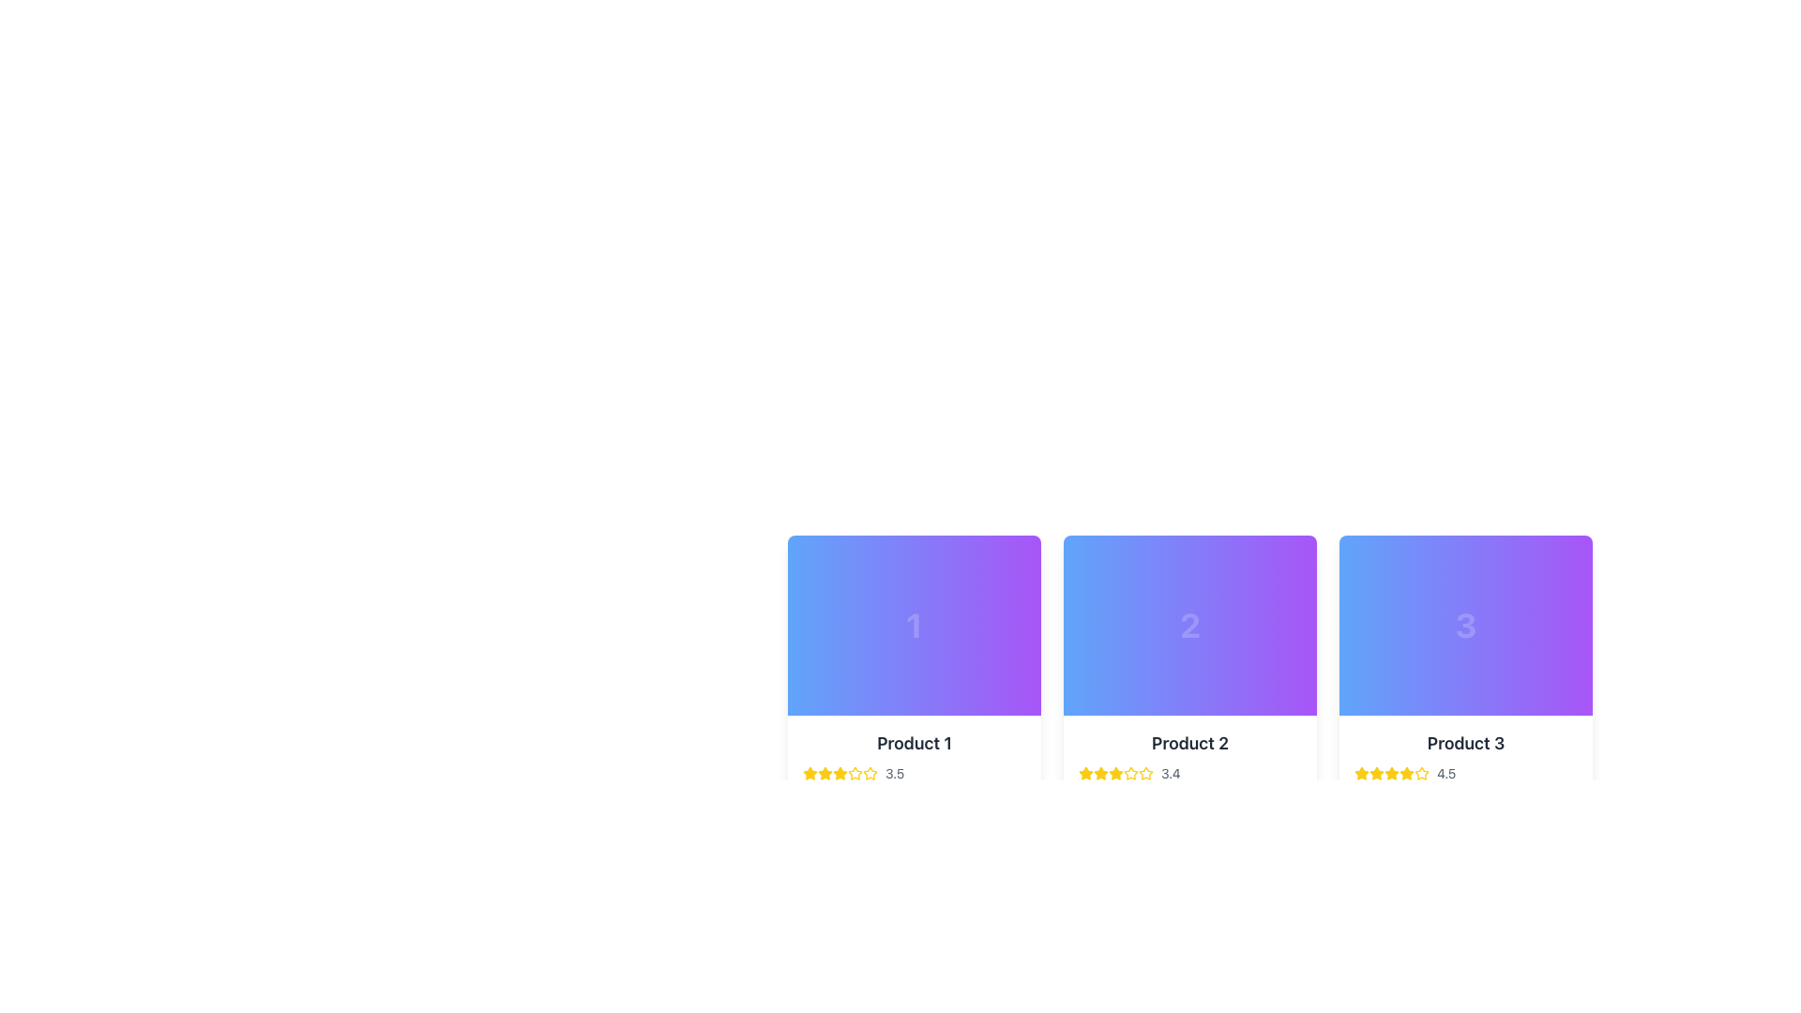 The width and height of the screenshot is (1801, 1013). What do you see at coordinates (1116, 774) in the screenshot?
I see `the yellow star icon, which is the fourth star in a horizontal row of five stars, located below the 'Product 2' card in the rating section` at bounding box center [1116, 774].